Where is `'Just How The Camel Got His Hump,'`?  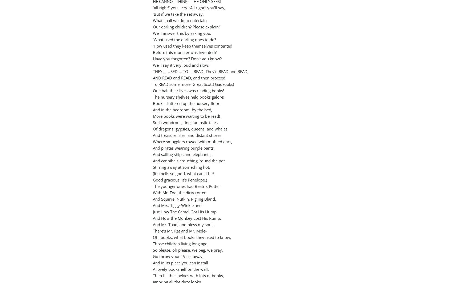
'Just How The Camel Got His Hump,' is located at coordinates (185, 212).